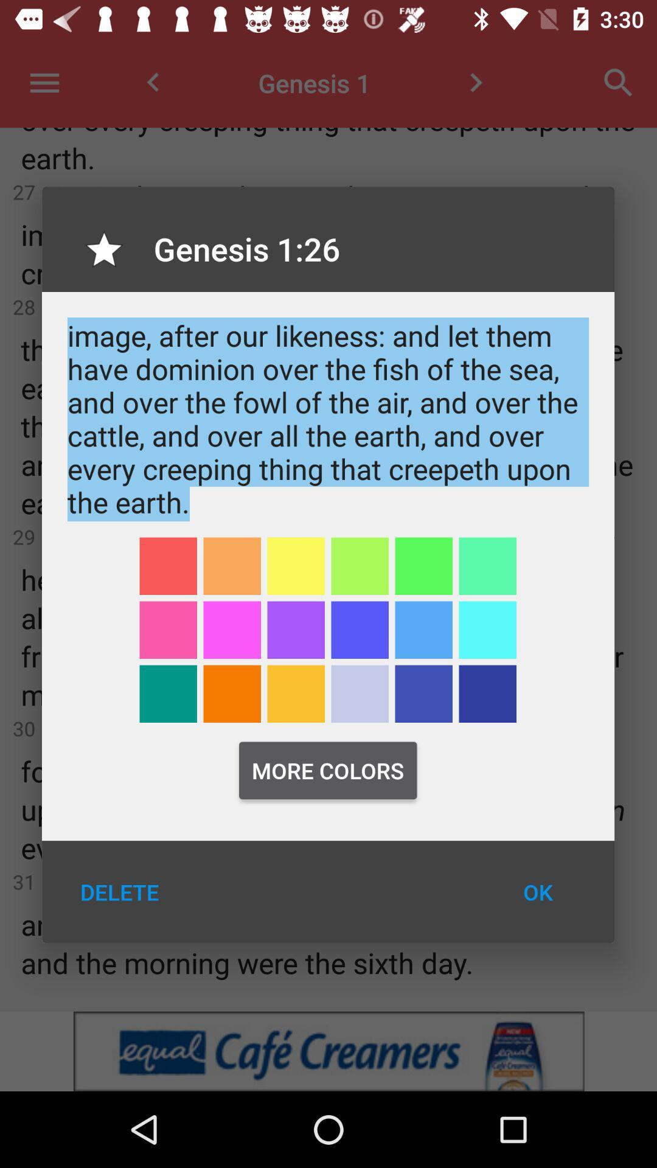 The width and height of the screenshot is (657, 1168). What do you see at coordinates (359, 693) in the screenshot?
I see `color` at bounding box center [359, 693].